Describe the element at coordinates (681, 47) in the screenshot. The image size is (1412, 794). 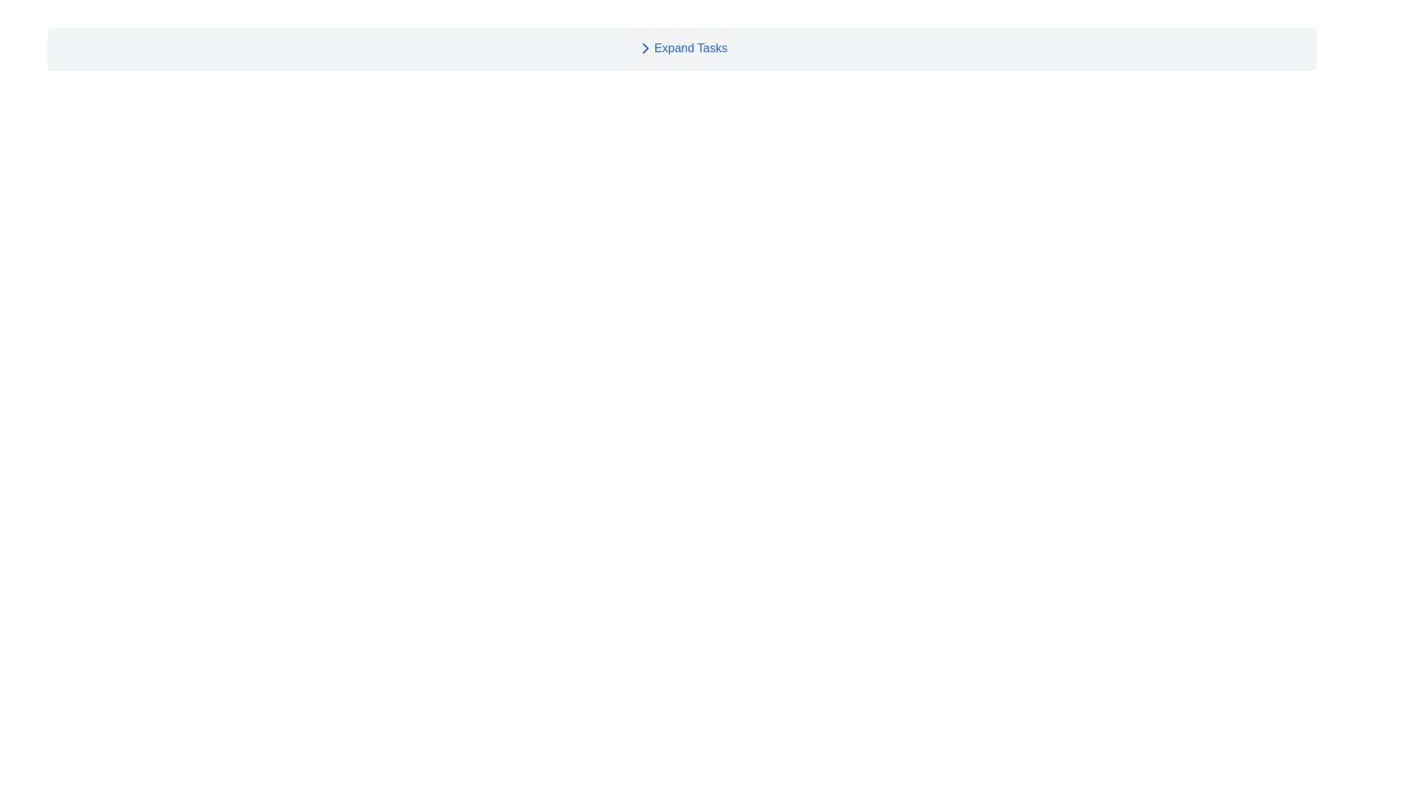
I see `the 'Expand Tasks' button-like interactive label with blue text and right arrow icon` at that location.